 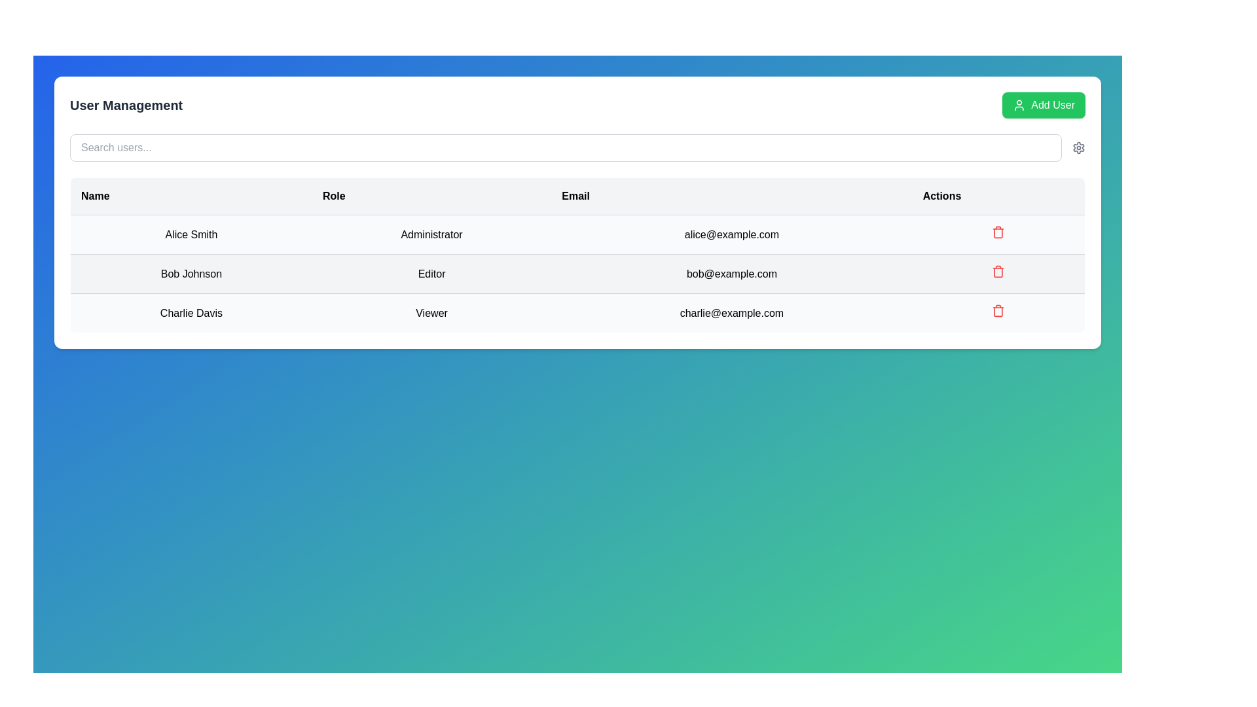 I want to click on the icon associated with the 'Add User' button located in the top-right corner of the 'User Management' section, so click(x=1019, y=105).